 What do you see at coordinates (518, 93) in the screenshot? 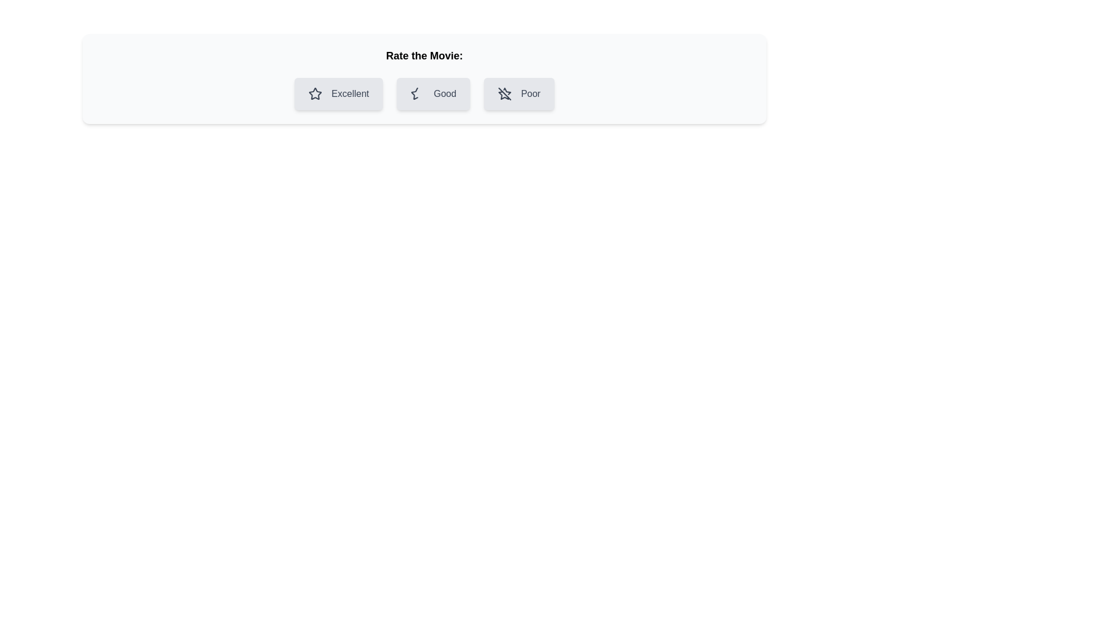
I see `the rating chip labeled Poor by clicking on it` at bounding box center [518, 93].